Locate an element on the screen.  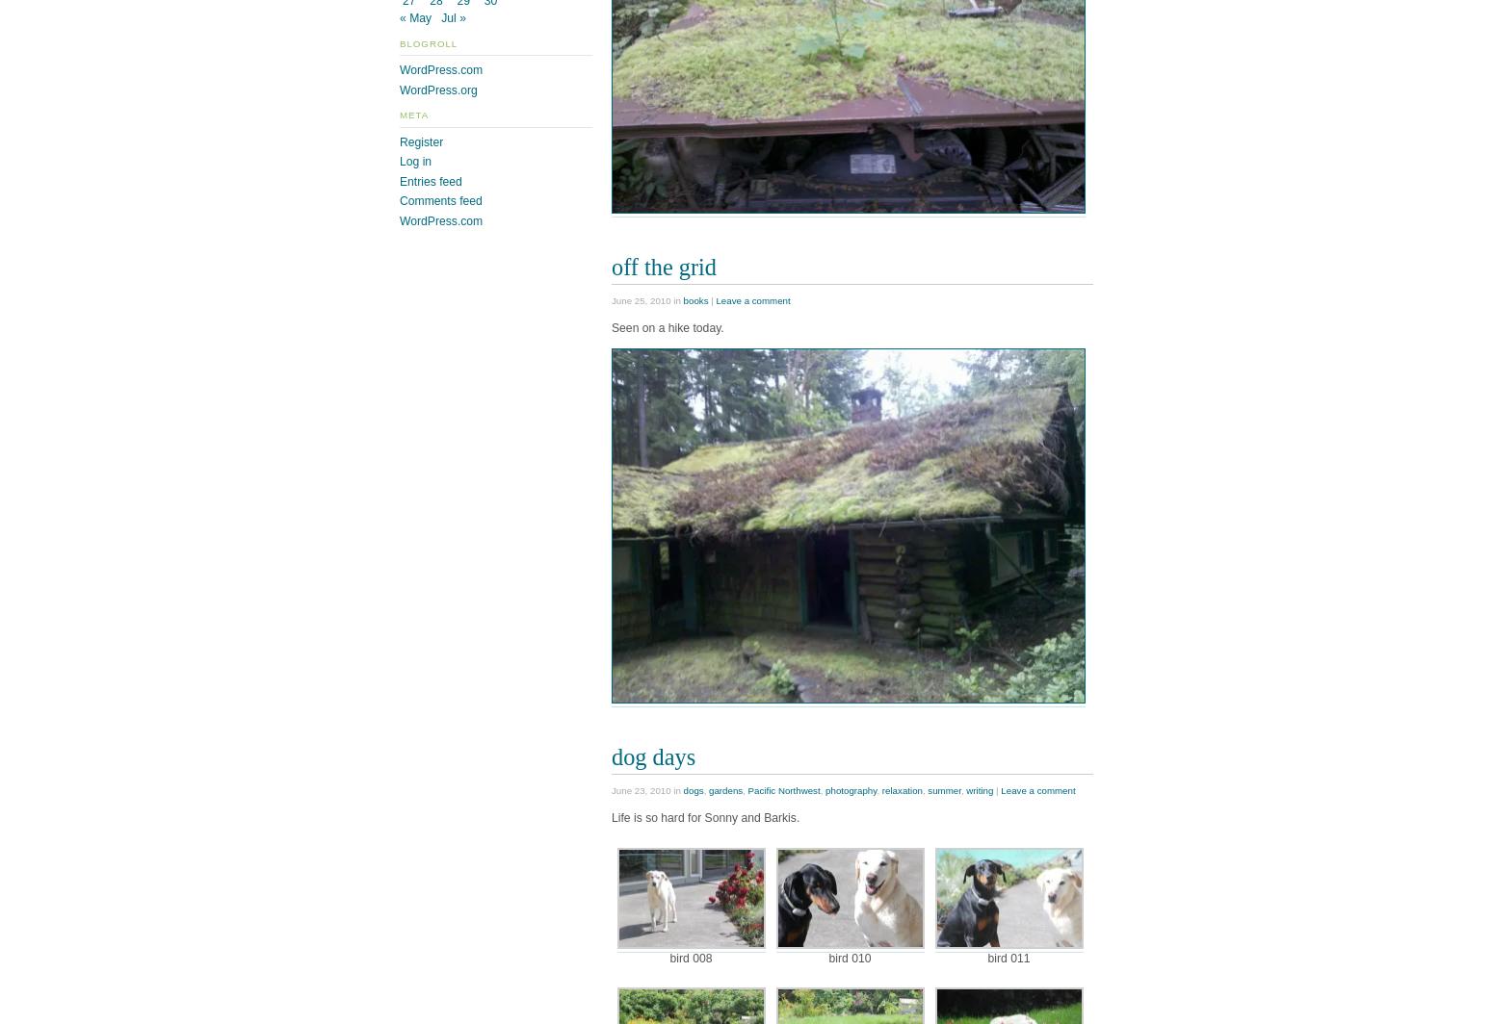
'Meta' is located at coordinates (413, 115).